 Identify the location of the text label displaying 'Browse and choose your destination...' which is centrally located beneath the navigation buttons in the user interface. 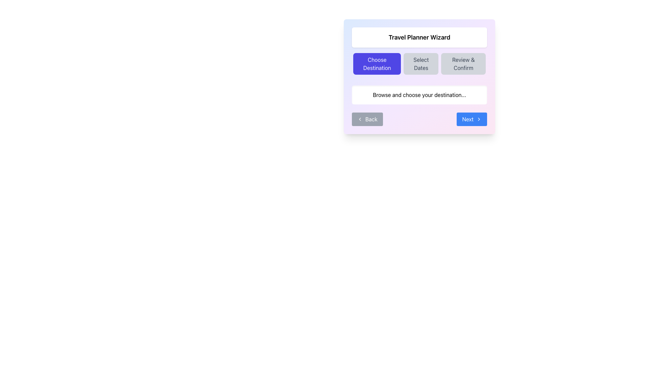
(419, 95).